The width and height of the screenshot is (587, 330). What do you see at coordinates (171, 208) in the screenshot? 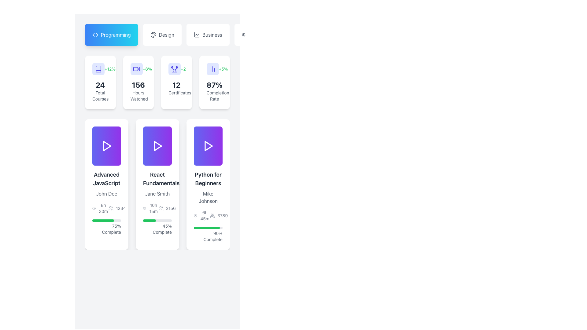
I see `the text label displaying '2156', which is styled in small gray font and located on the 'React Fundamentals' course card, below the course duration and to the right of the human figures icon` at bounding box center [171, 208].